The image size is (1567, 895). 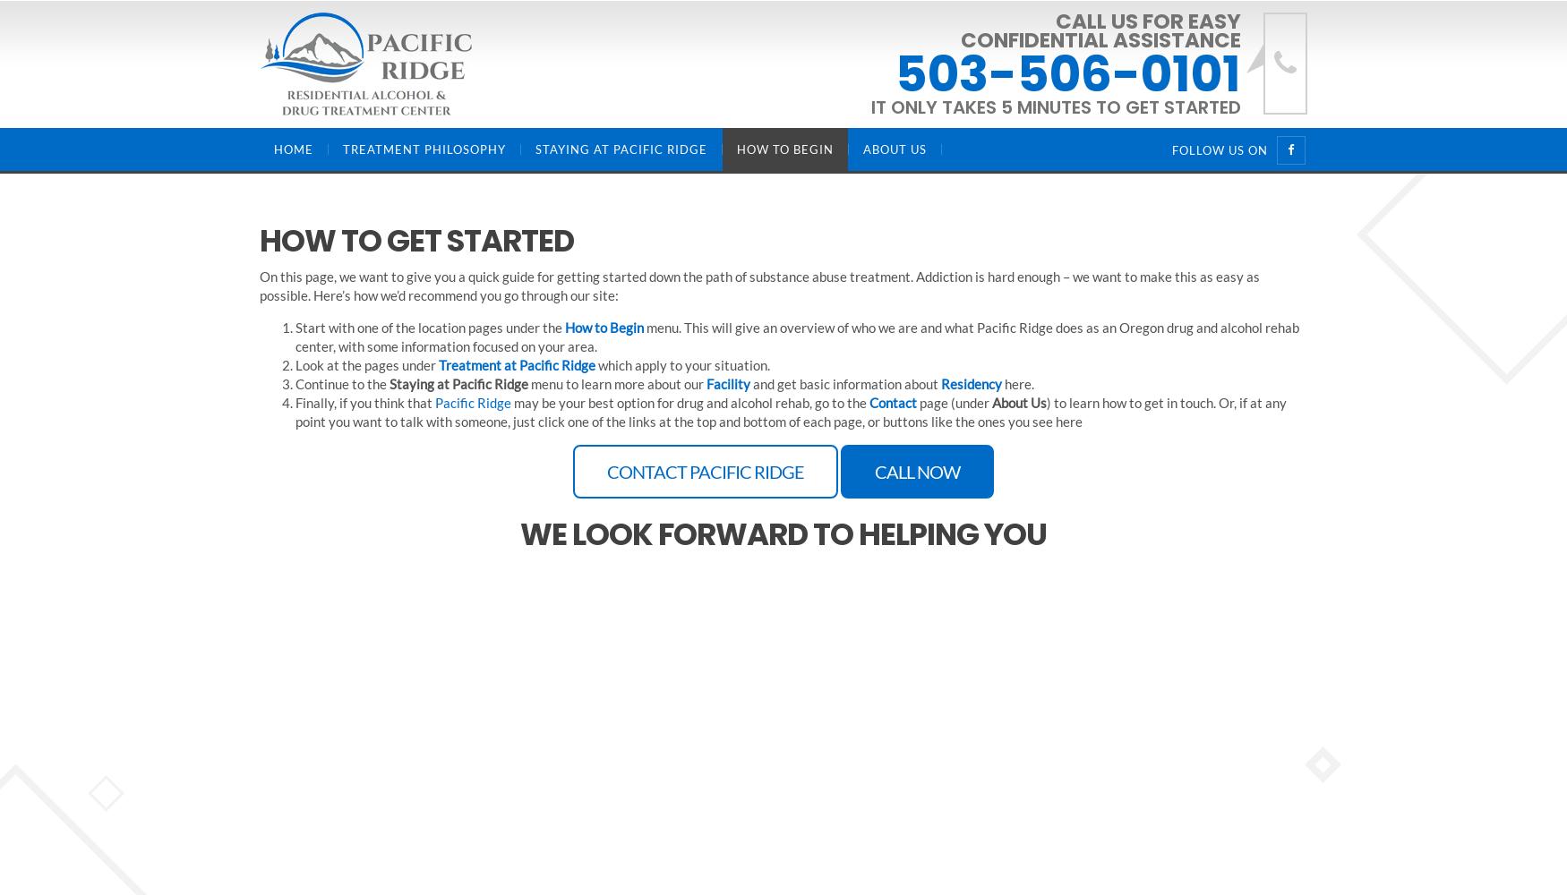 I want to click on 'Facility', so click(x=727, y=384).